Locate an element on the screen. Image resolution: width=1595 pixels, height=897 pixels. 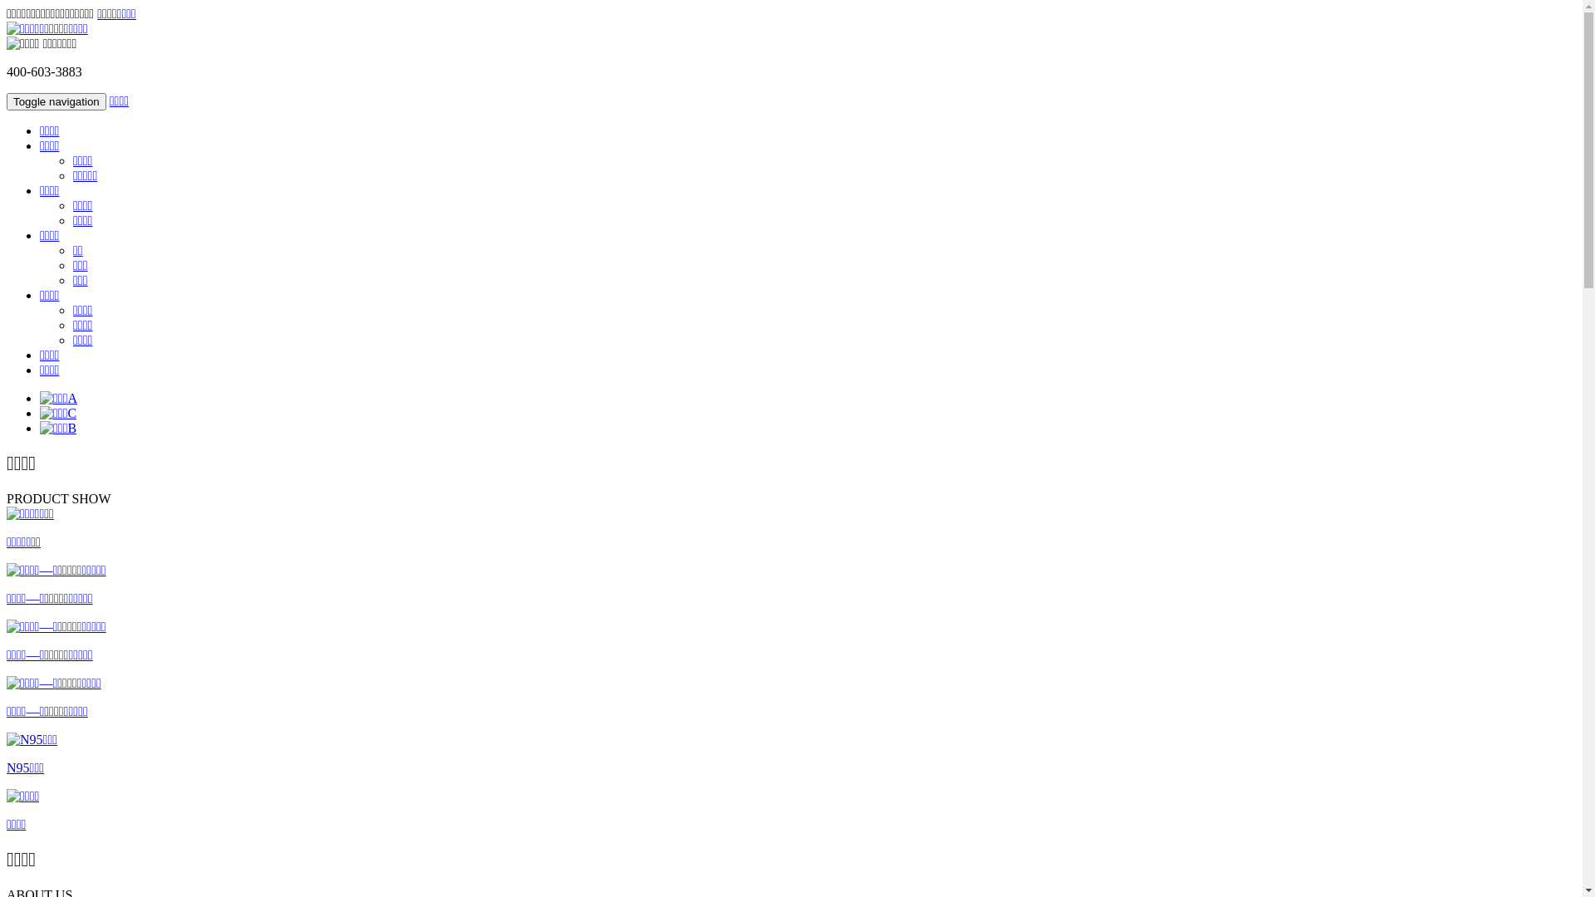
'Toggle navigation' is located at coordinates (56, 101).